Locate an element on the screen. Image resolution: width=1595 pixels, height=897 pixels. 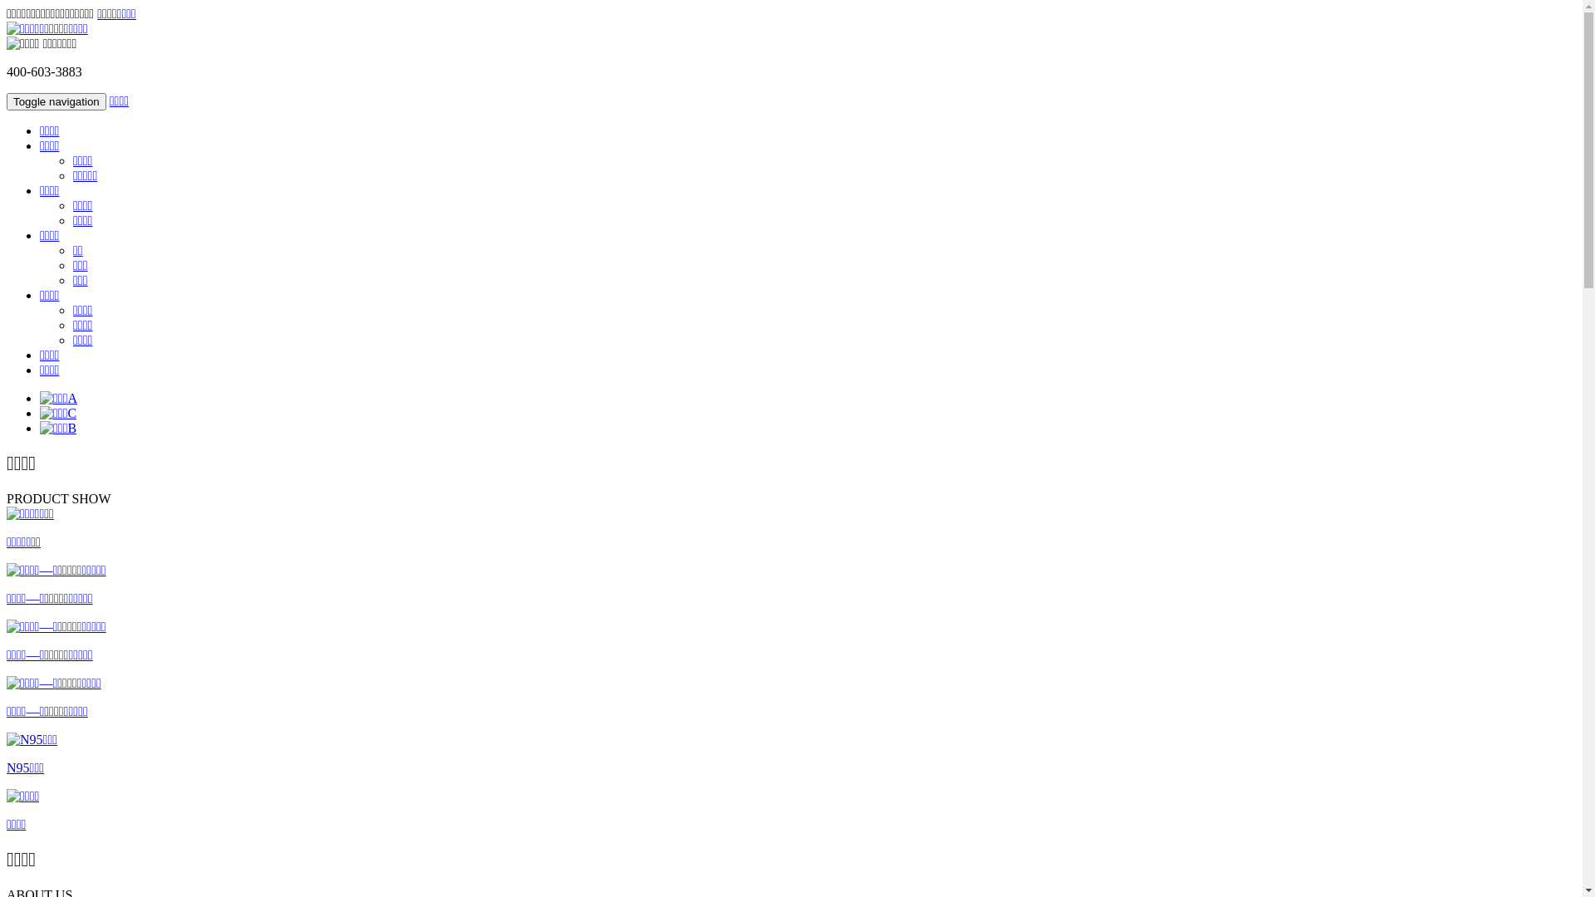
'Toggle navigation' is located at coordinates (56, 101).